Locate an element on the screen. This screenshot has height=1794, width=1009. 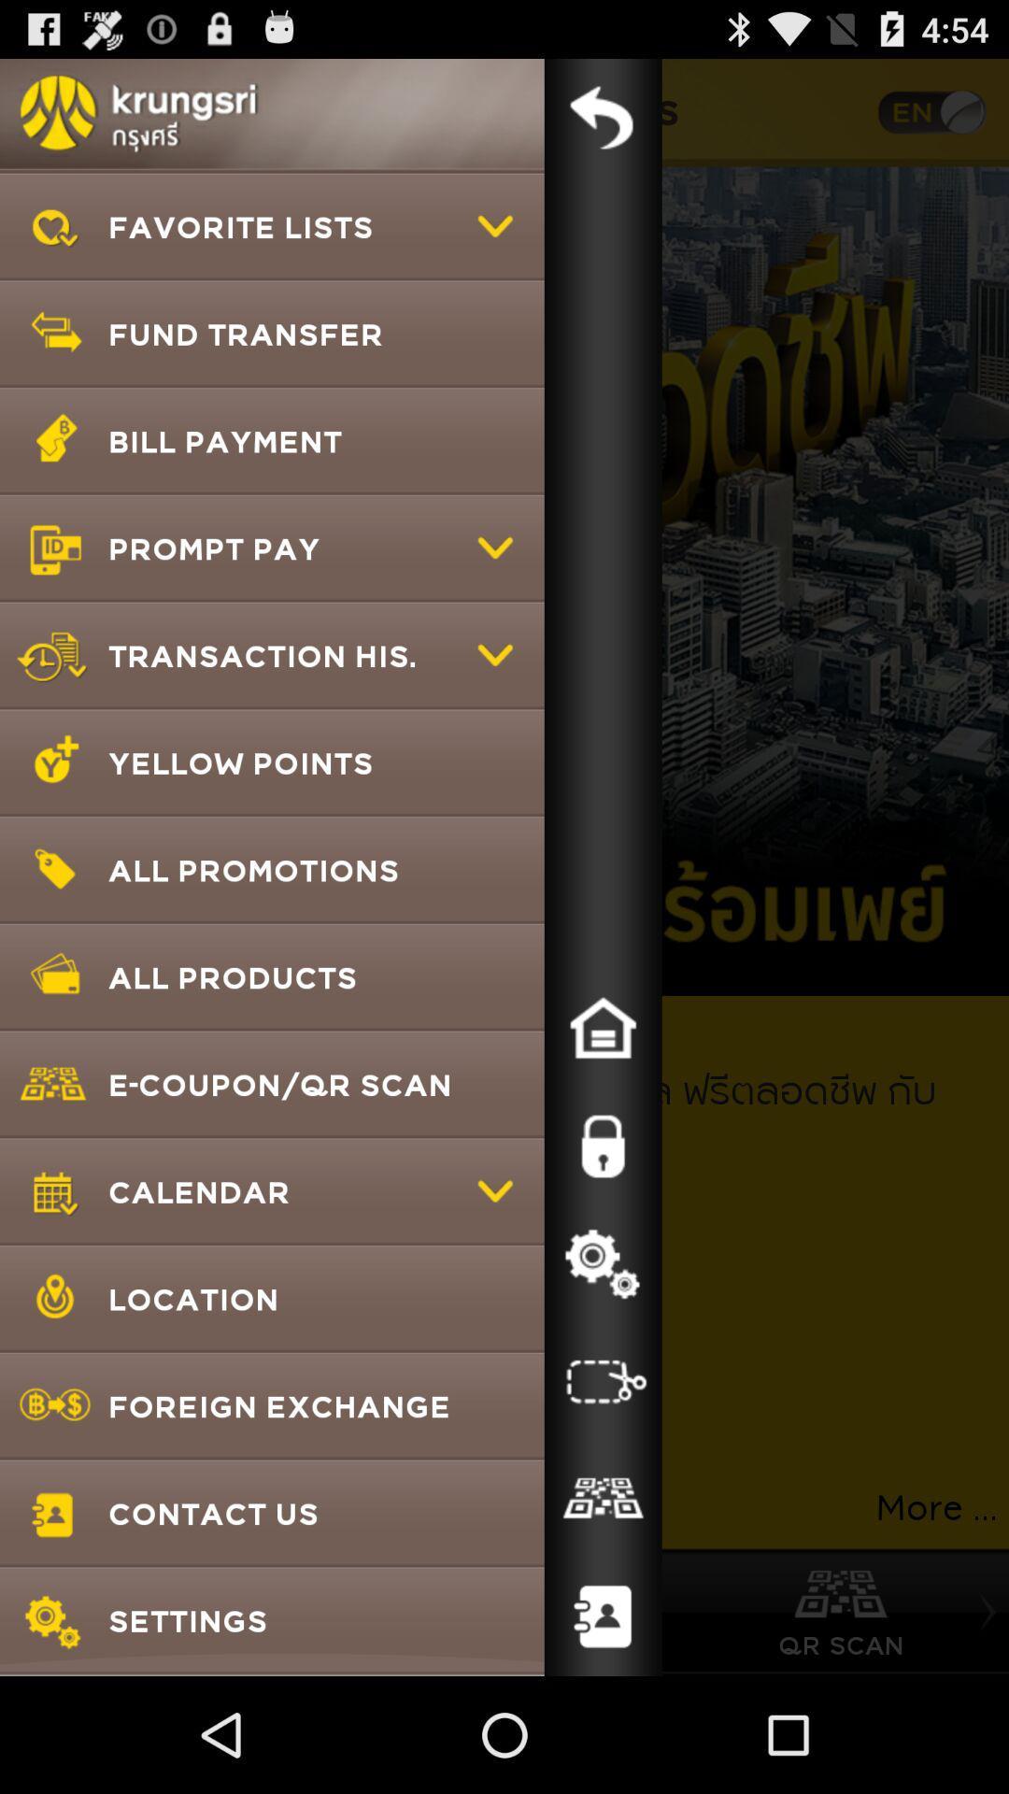
return home is located at coordinates (603, 1027).